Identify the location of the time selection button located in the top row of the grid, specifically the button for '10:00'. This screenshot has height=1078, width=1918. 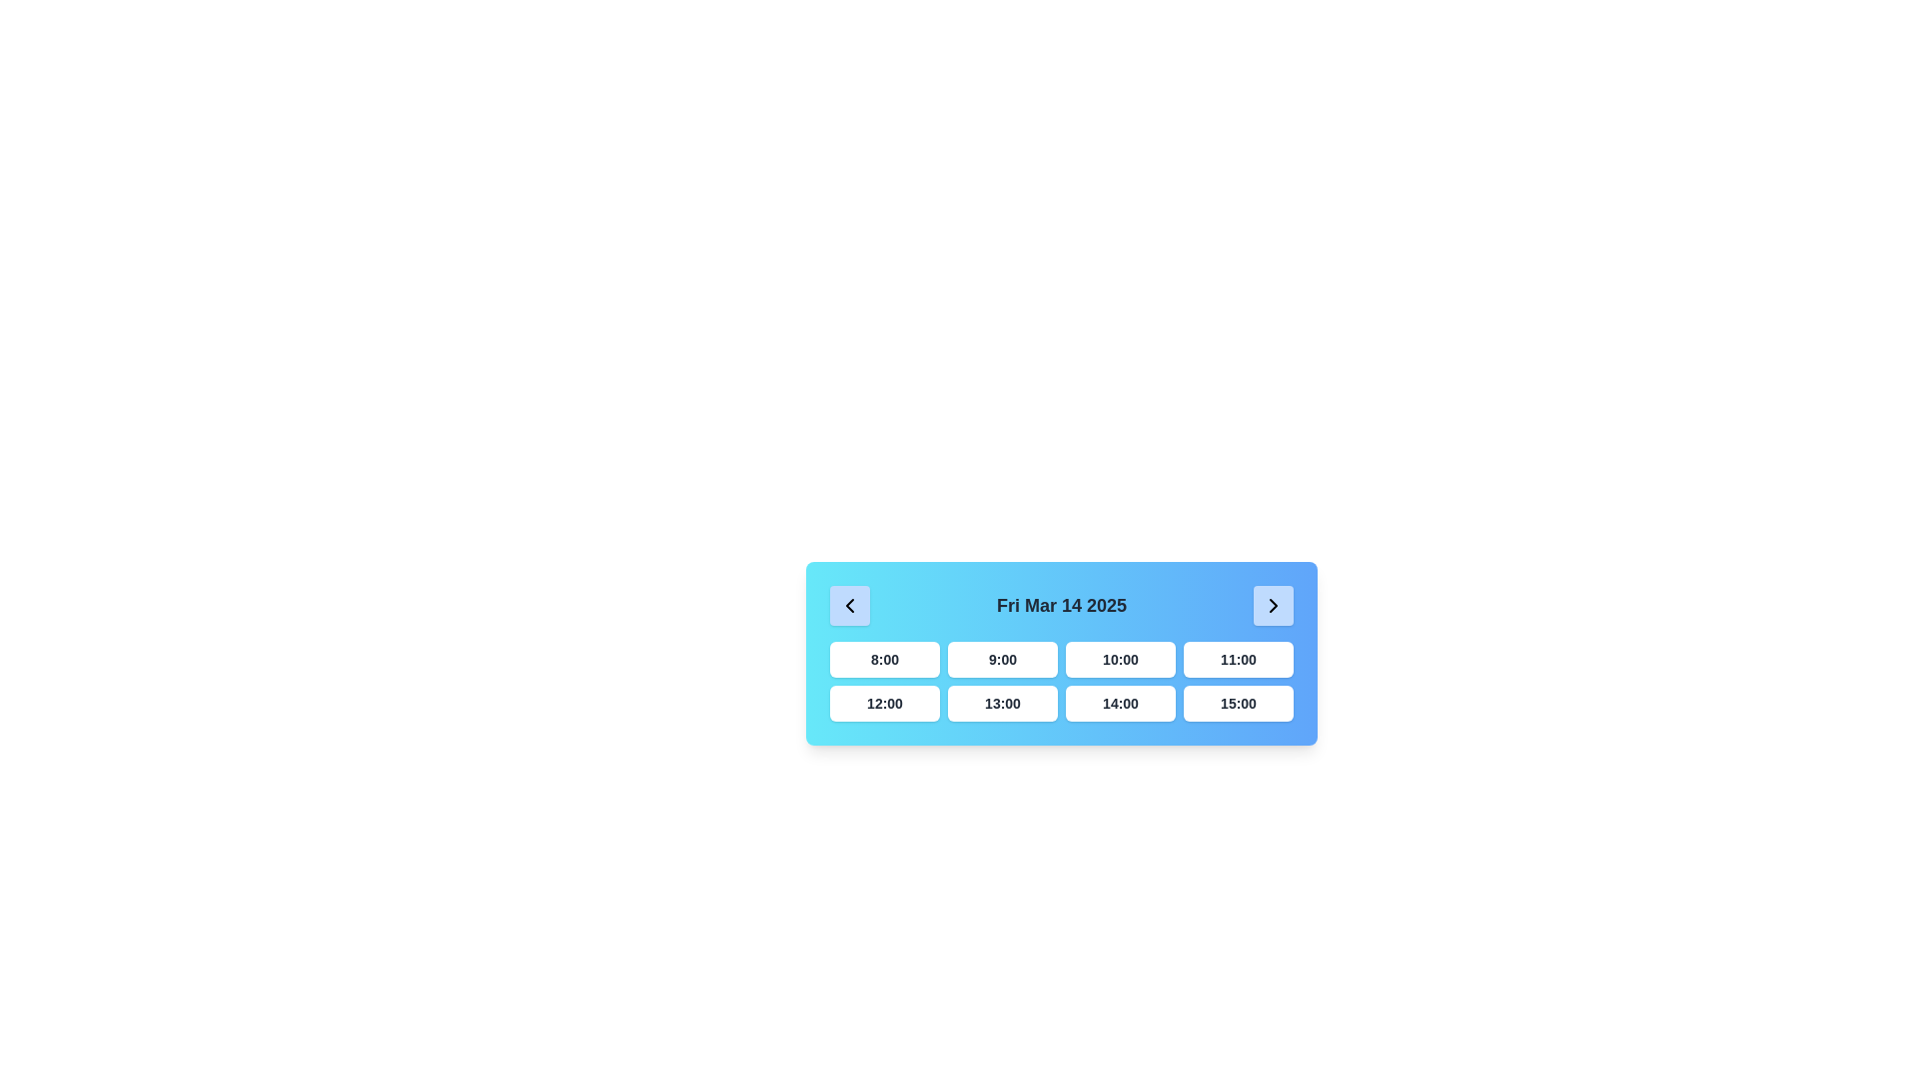
(1121, 659).